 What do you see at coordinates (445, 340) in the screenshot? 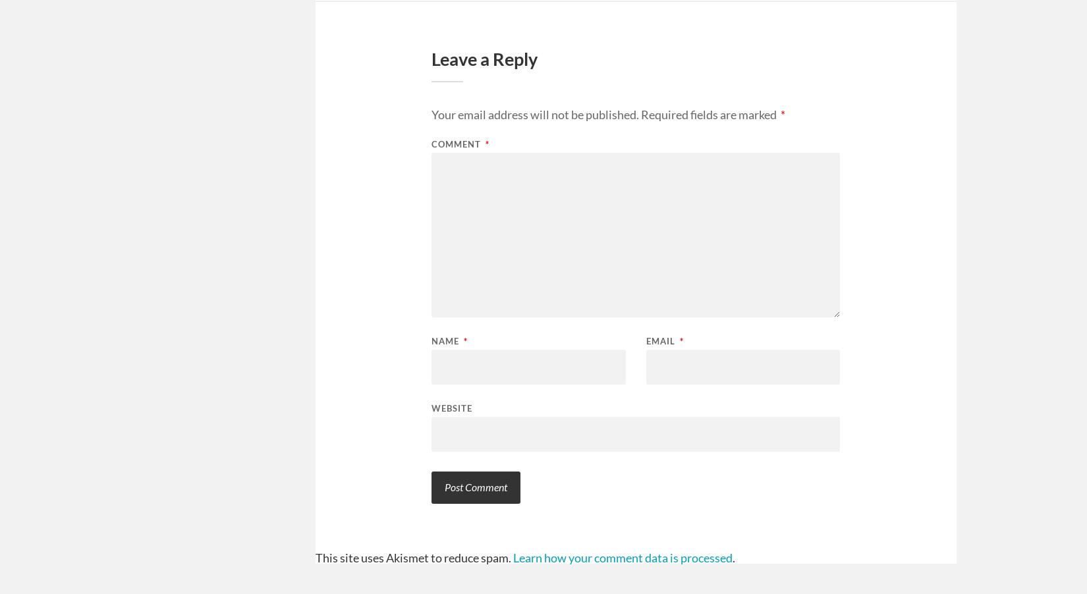
I see `'Name'` at bounding box center [445, 340].